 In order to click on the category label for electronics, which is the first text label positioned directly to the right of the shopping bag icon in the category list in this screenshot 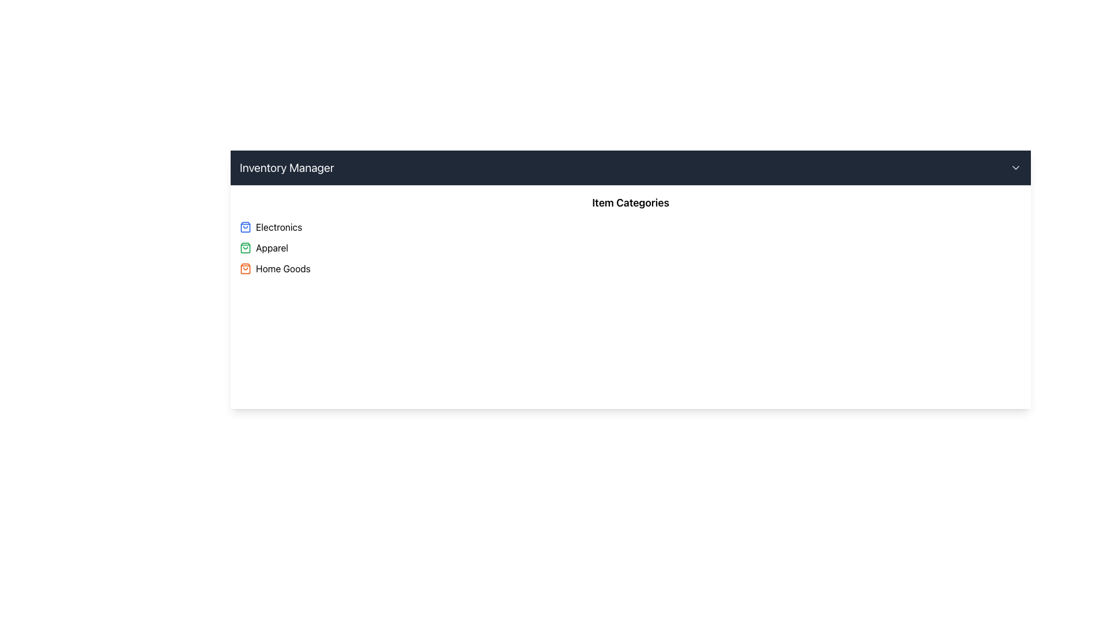, I will do `click(279, 227)`.